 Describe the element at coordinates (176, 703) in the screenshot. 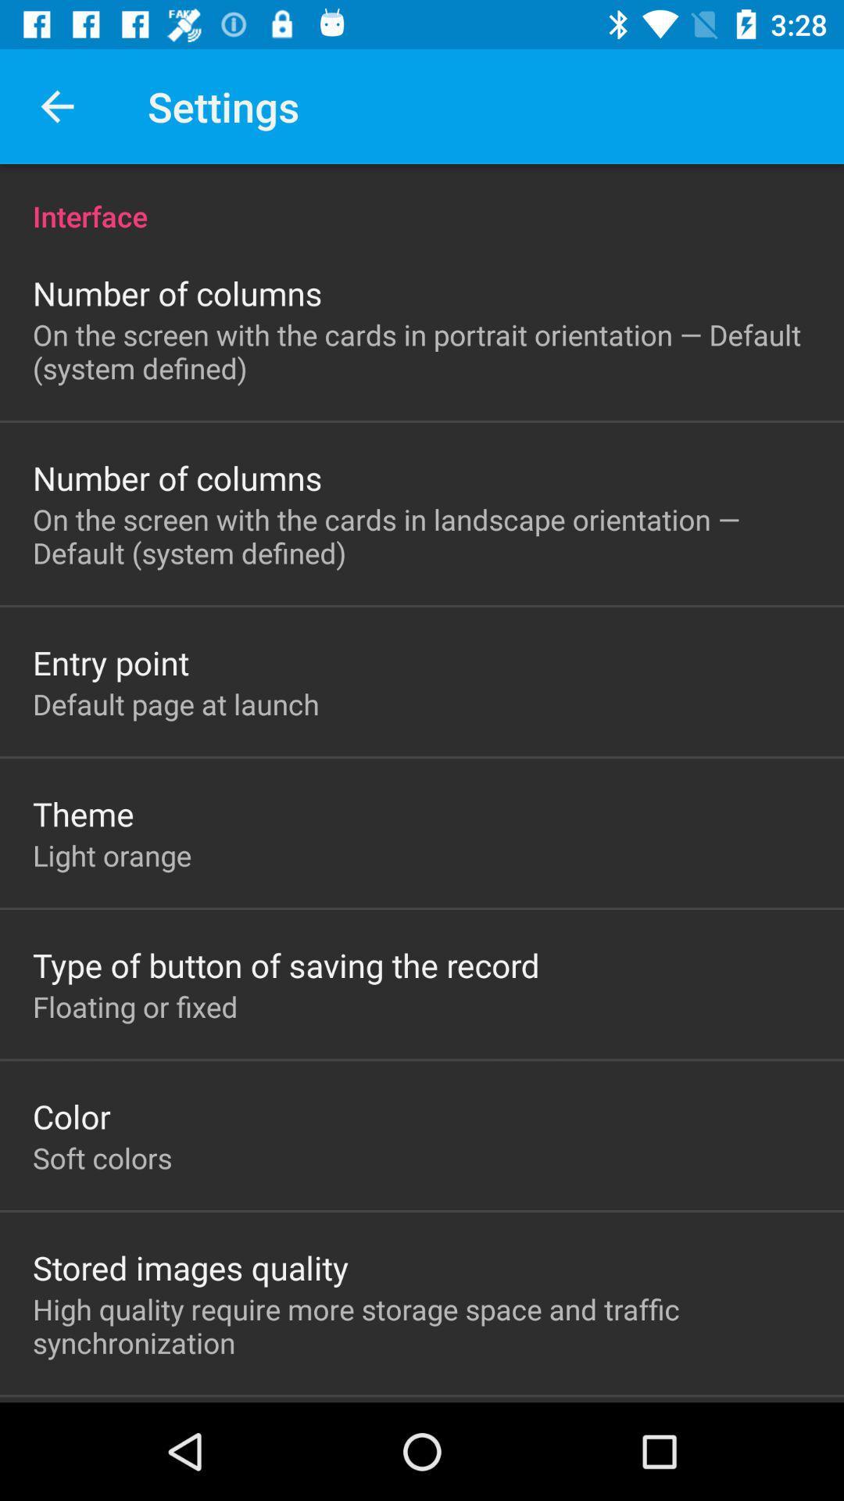

I see `the item above theme` at that location.